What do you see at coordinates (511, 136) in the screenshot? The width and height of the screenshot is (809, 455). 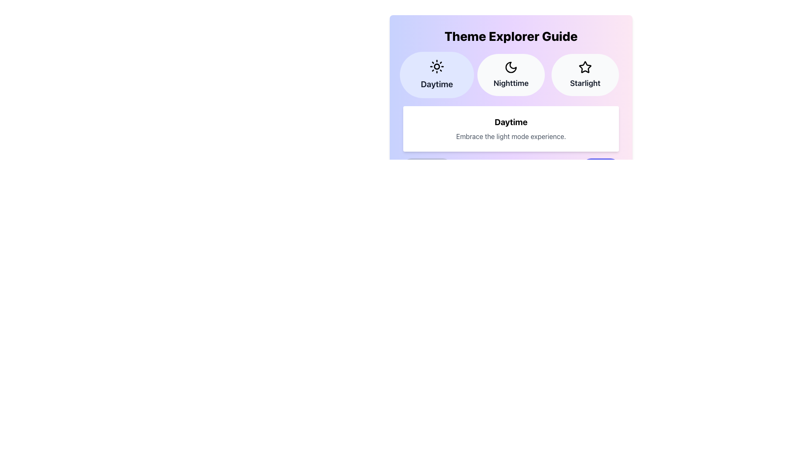 I see `the descriptive text element that says 'Embrace the light mode experience.' which is styled in light gray and located below the 'Daytime' heading` at bounding box center [511, 136].